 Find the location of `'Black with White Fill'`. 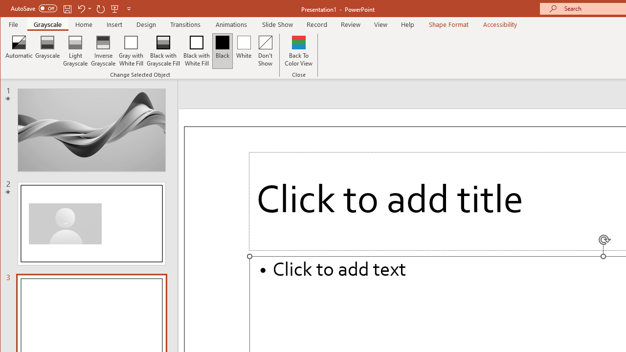

'Black with White Fill' is located at coordinates (196, 51).